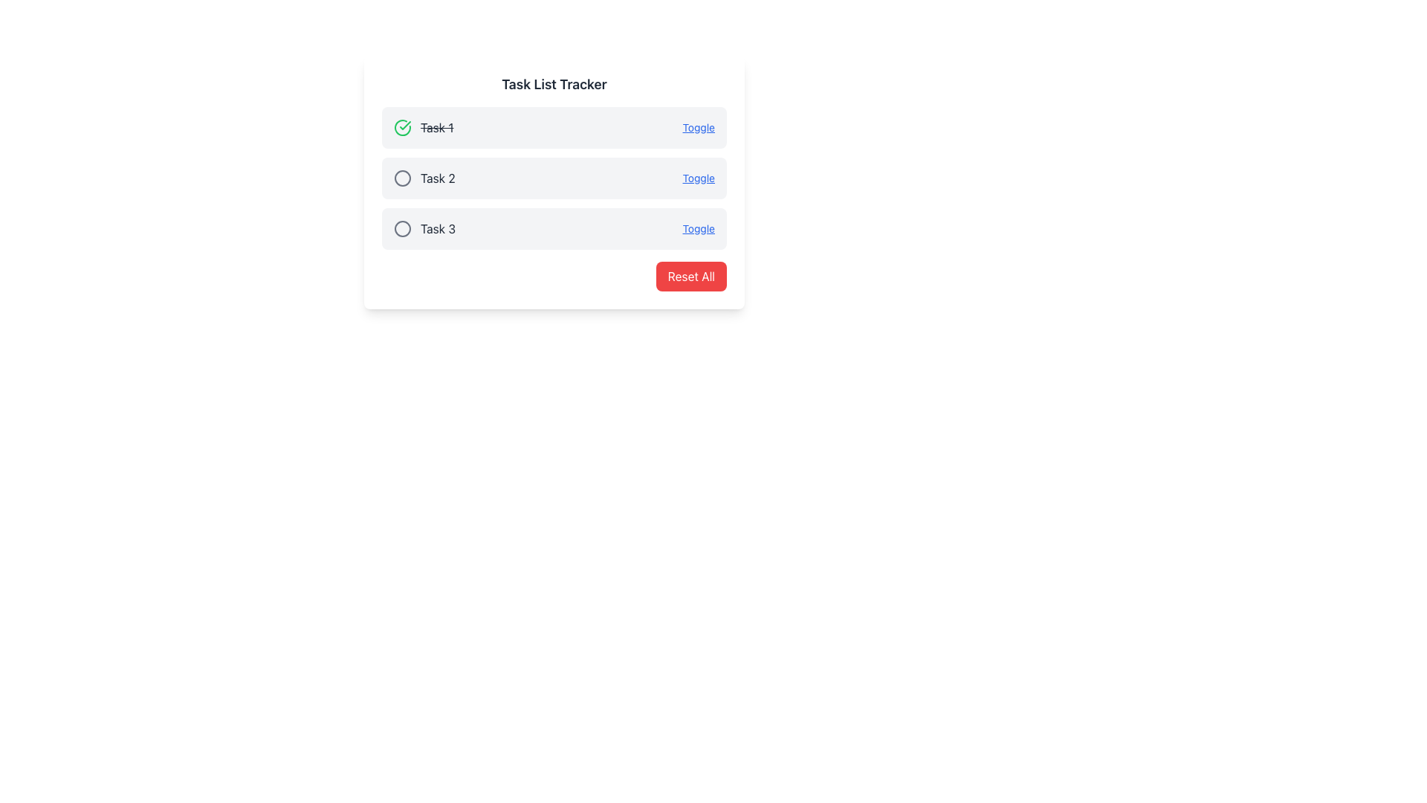 This screenshot has height=803, width=1427. I want to click on the text label displaying 'Task 1' with a strikethrough style, indicating completion, located to the right of a green circular icon with a checkmark, so click(436, 127).